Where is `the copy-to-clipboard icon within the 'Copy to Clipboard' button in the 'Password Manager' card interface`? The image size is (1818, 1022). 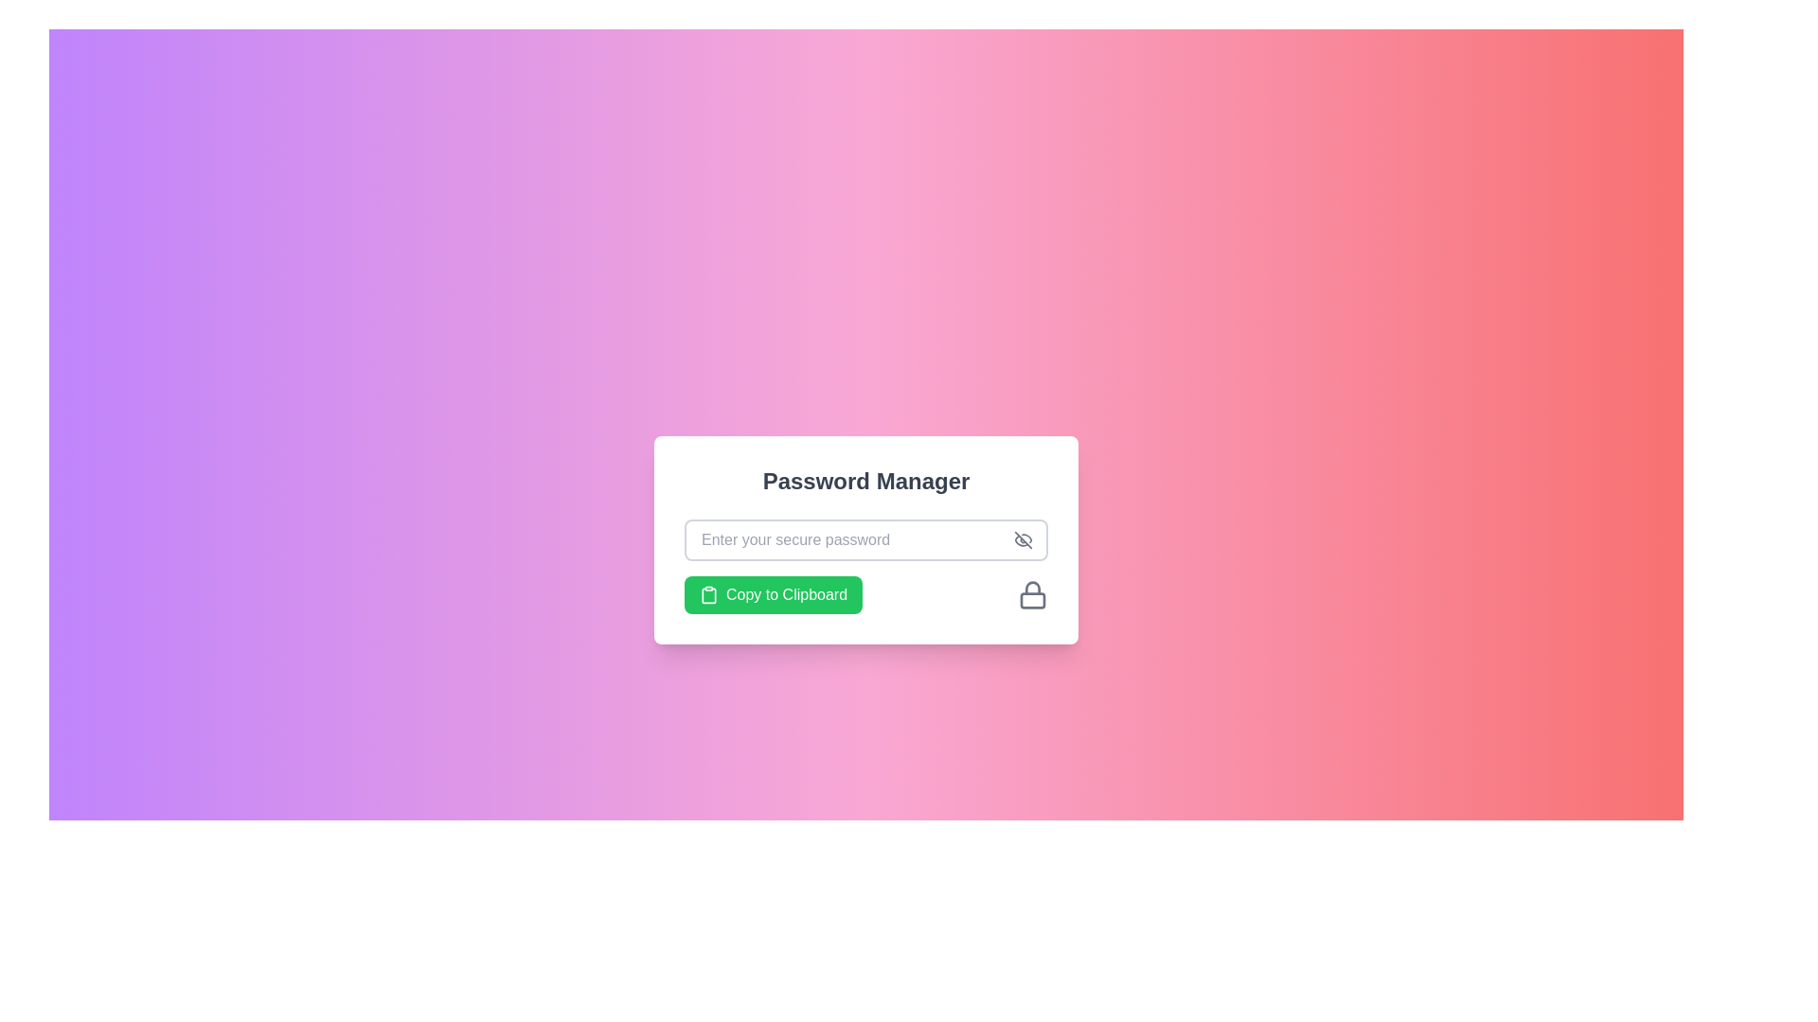 the copy-to-clipboard icon within the 'Copy to Clipboard' button in the 'Password Manager' card interface is located at coordinates (707, 593).